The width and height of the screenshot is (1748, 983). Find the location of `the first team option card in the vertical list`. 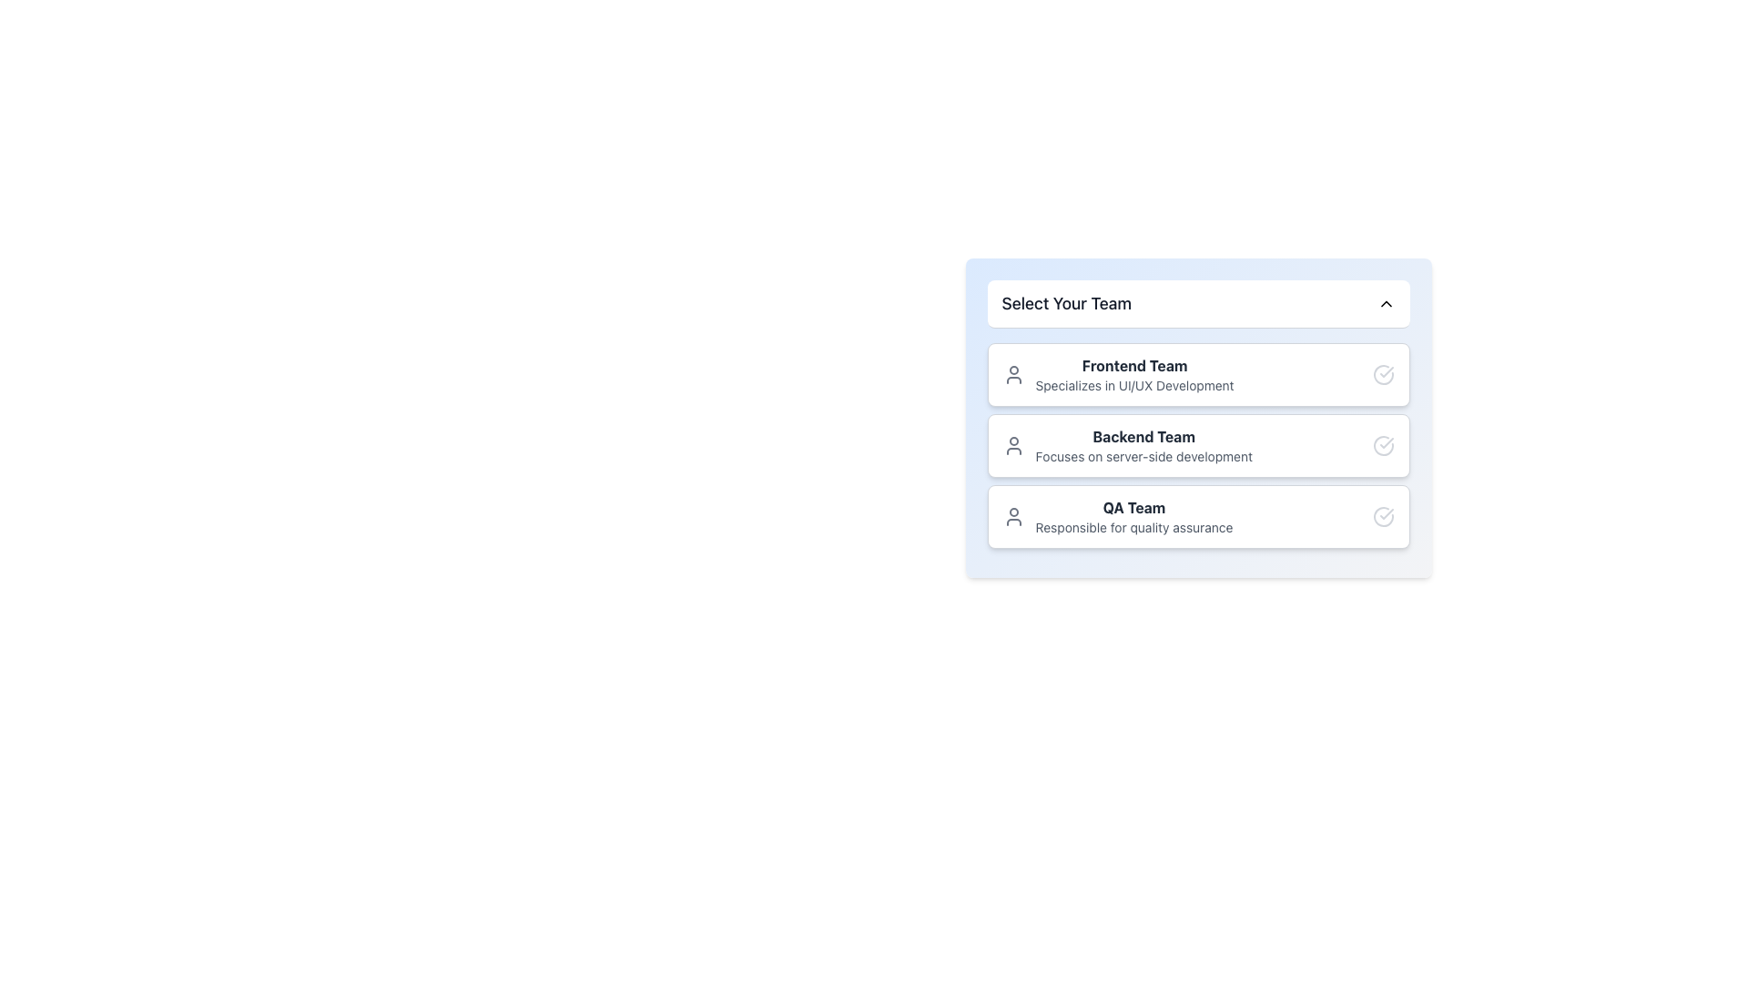

the first team option card in the vertical list is located at coordinates (1198, 374).